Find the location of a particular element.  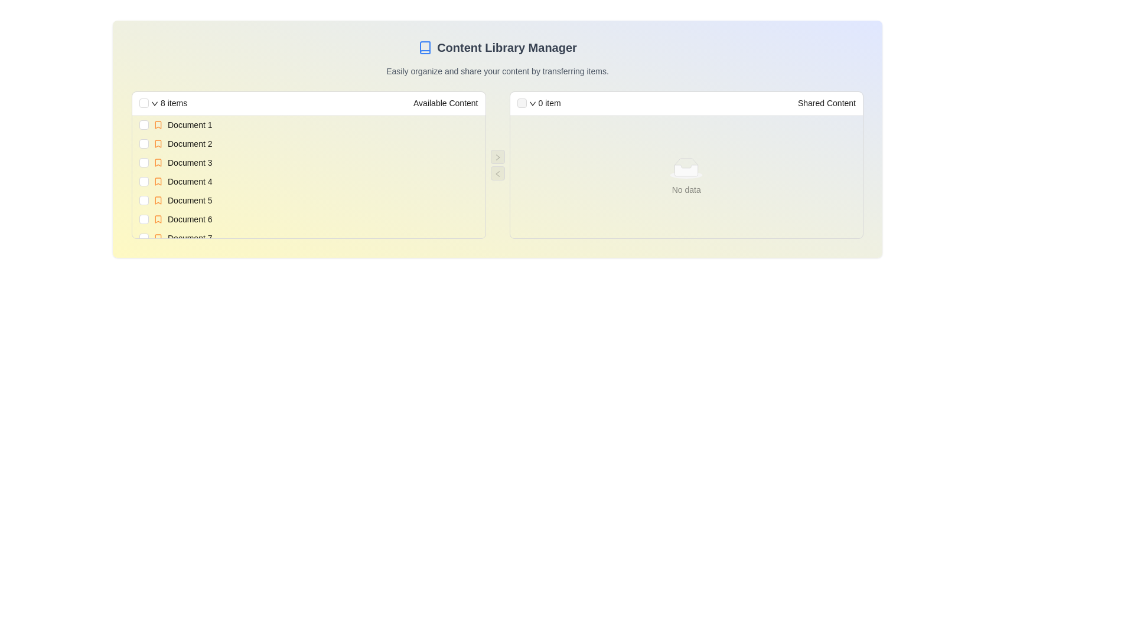

the list item labeled 'Document 3' is located at coordinates (315, 163).